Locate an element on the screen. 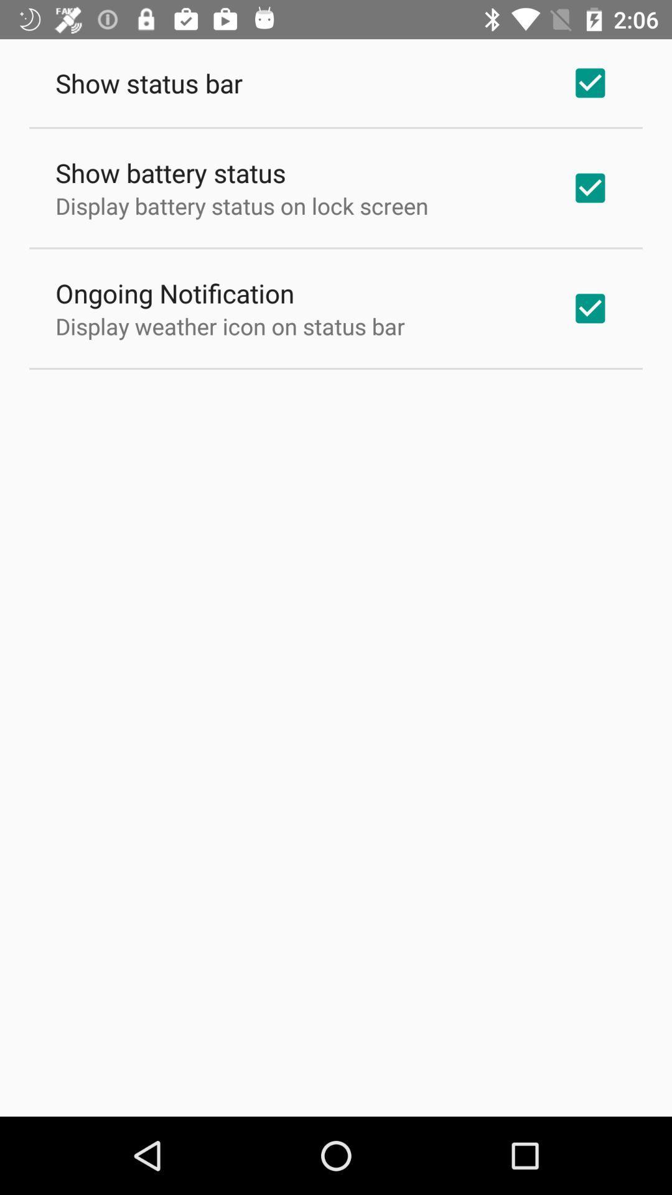 The width and height of the screenshot is (672, 1195). the icon below the display battery status app is located at coordinates (175, 292).